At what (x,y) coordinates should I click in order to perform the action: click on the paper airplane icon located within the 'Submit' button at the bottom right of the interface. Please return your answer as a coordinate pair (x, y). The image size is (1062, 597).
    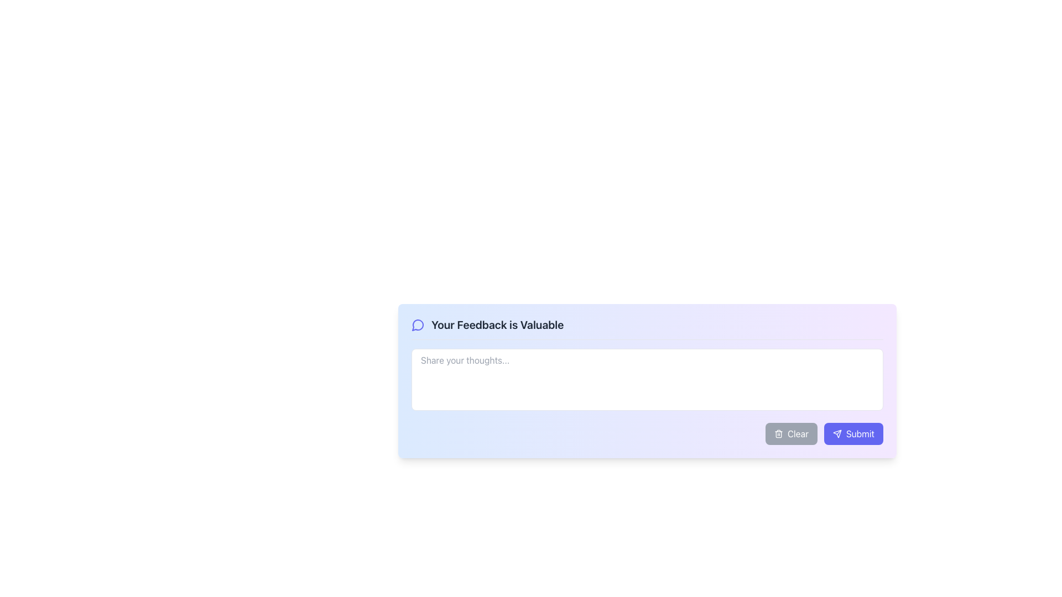
    Looking at the image, I should click on (837, 433).